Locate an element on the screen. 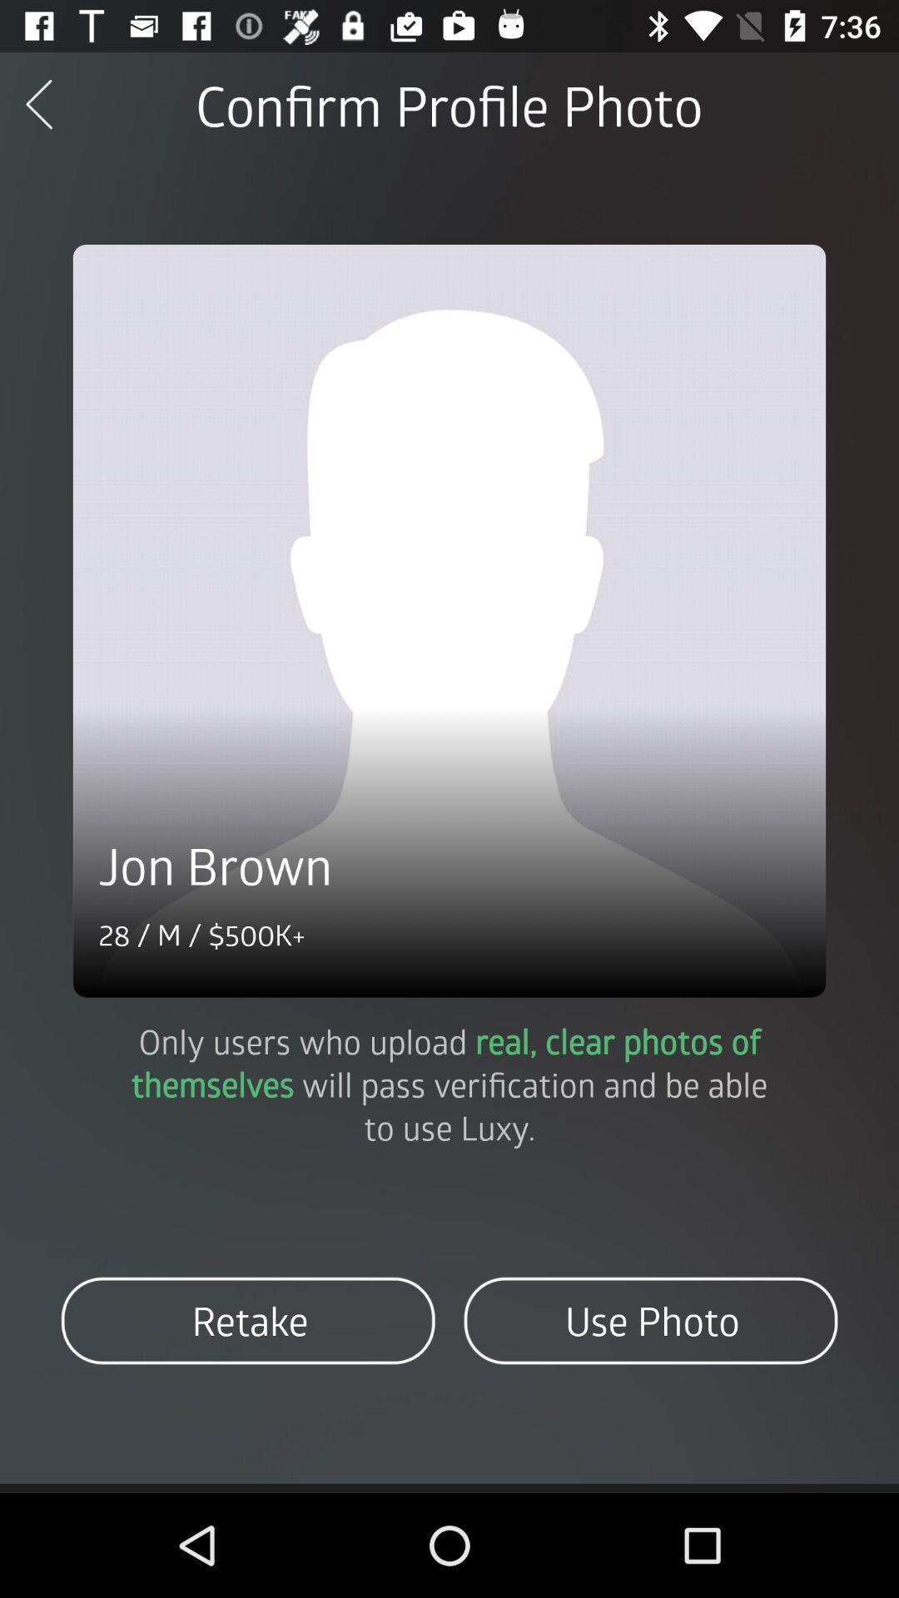  the retake icon is located at coordinates (248, 1320).